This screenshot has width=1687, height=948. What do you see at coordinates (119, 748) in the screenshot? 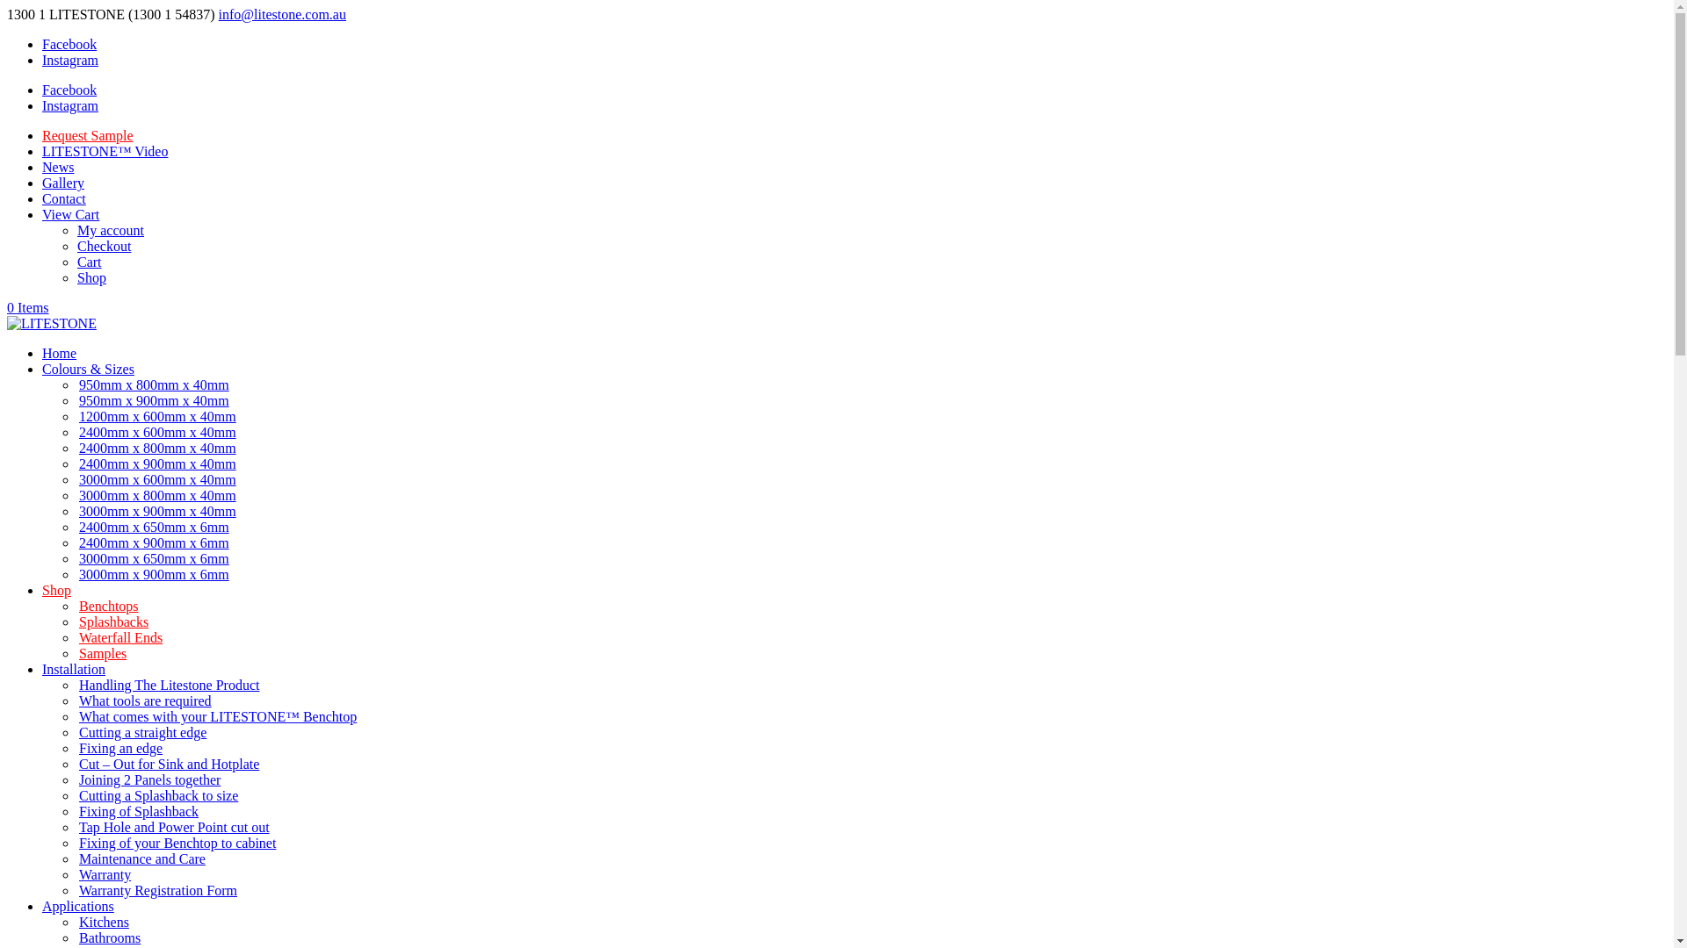
I see `'Fixing an edge'` at bounding box center [119, 748].